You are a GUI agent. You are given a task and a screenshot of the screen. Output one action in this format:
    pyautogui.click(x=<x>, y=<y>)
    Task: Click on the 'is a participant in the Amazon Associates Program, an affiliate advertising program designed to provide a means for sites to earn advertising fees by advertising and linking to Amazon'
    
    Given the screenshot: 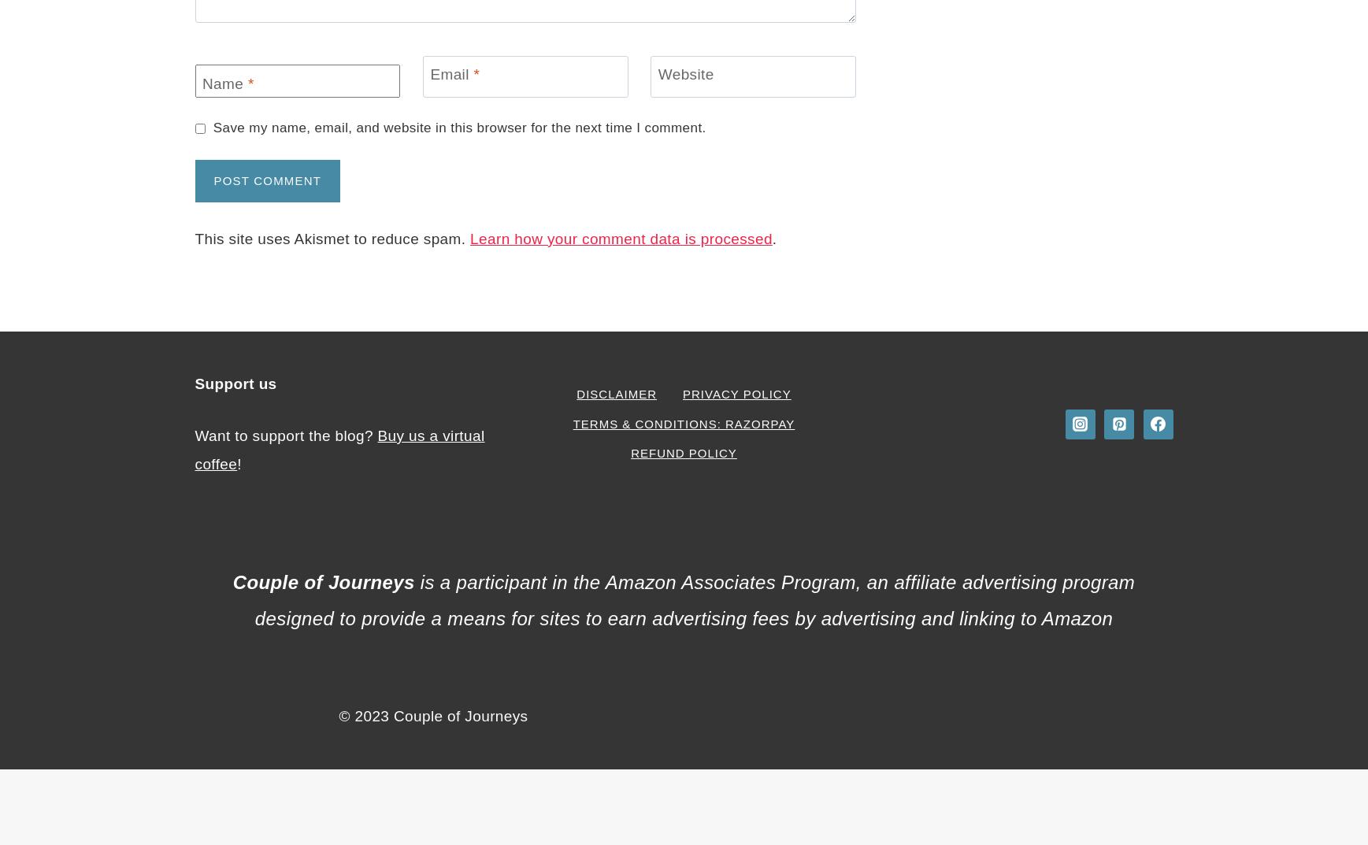 What is the action you would take?
    pyautogui.click(x=695, y=599)
    